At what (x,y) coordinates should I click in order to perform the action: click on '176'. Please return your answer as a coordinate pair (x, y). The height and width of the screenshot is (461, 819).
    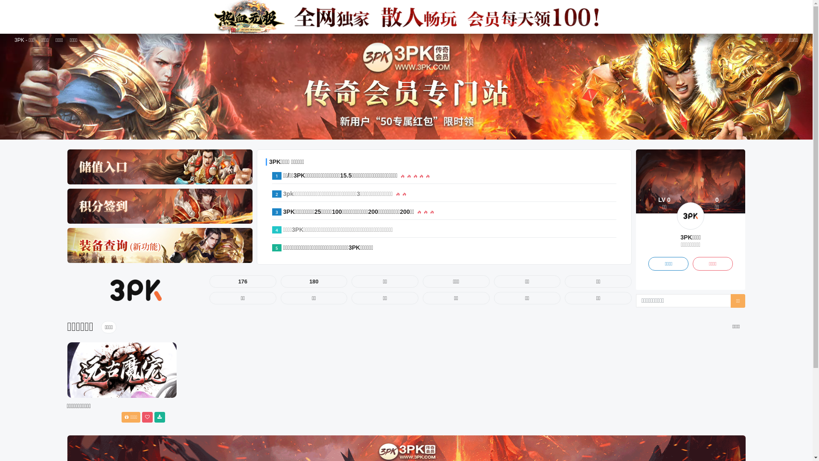
    Looking at the image, I should click on (242, 281).